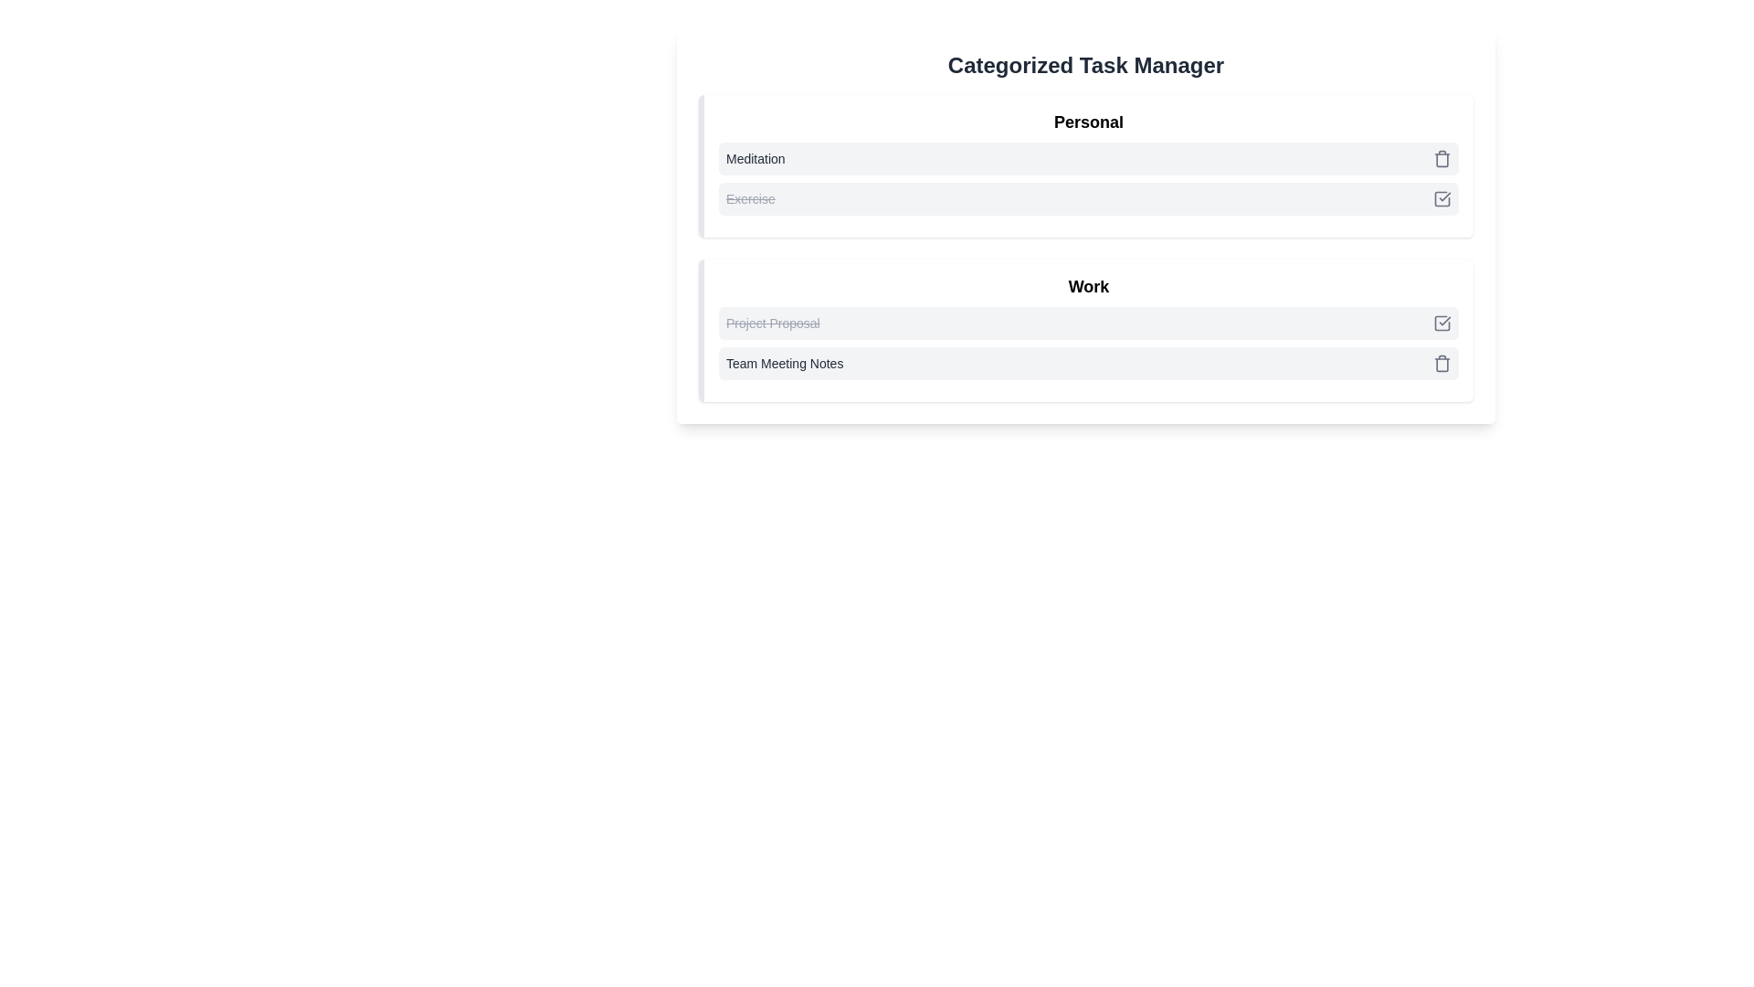 This screenshot has width=1754, height=987. I want to click on the checked Checkbox icon located in the 'Team Meeting Notes' row under the 'Work' category, so click(1442, 323).